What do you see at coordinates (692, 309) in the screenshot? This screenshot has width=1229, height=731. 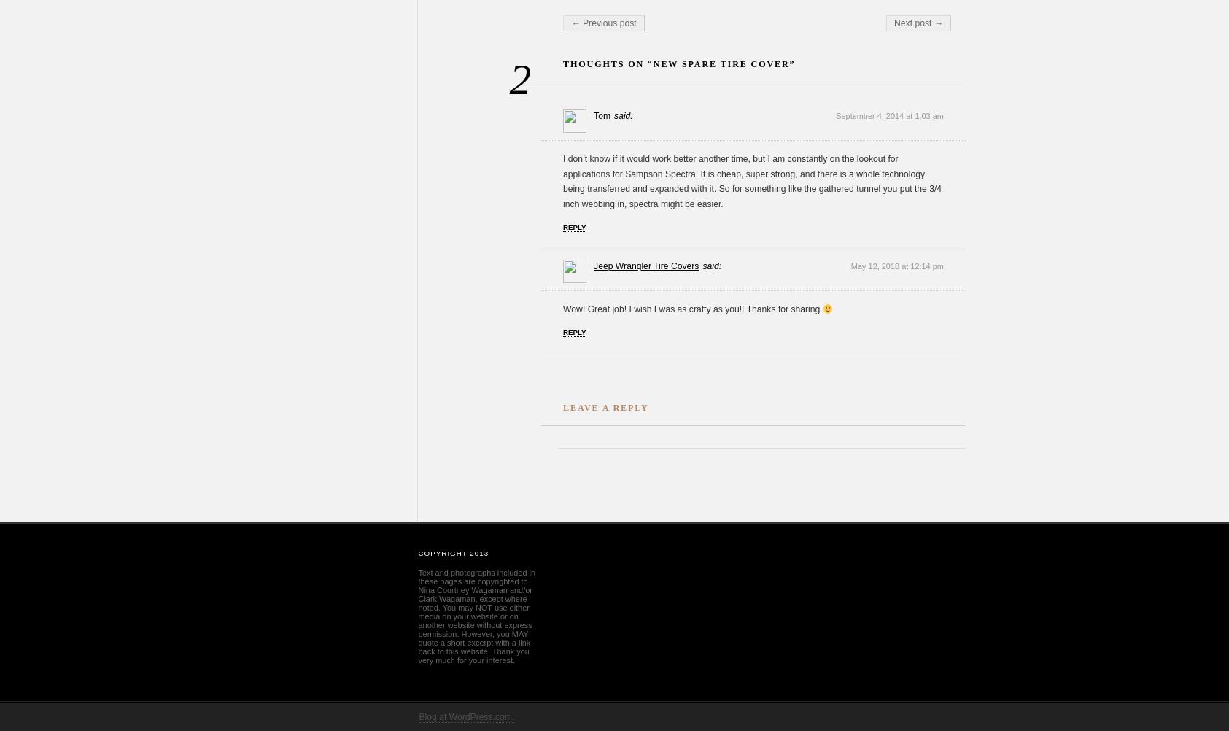 I see `'Wow! Great job! I wish I was as crafty as you!! Thanks for sharing'` at bounding box center [692, 309].